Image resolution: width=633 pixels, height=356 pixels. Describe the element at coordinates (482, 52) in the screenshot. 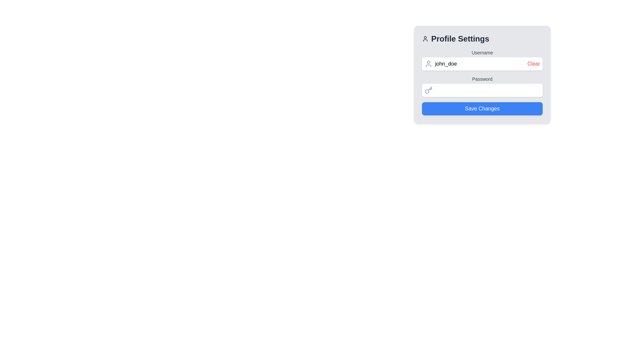

I see `the label that indicates the input field for the username, located above the input field with the placeholder 'john_doe'` at that location.